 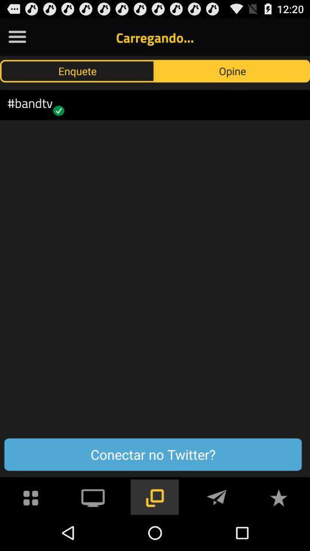 What do you see at coordinates (216, 496) in the screenshot?
I see `button below the conectar no twitter?` at bounding box center [216, 496].